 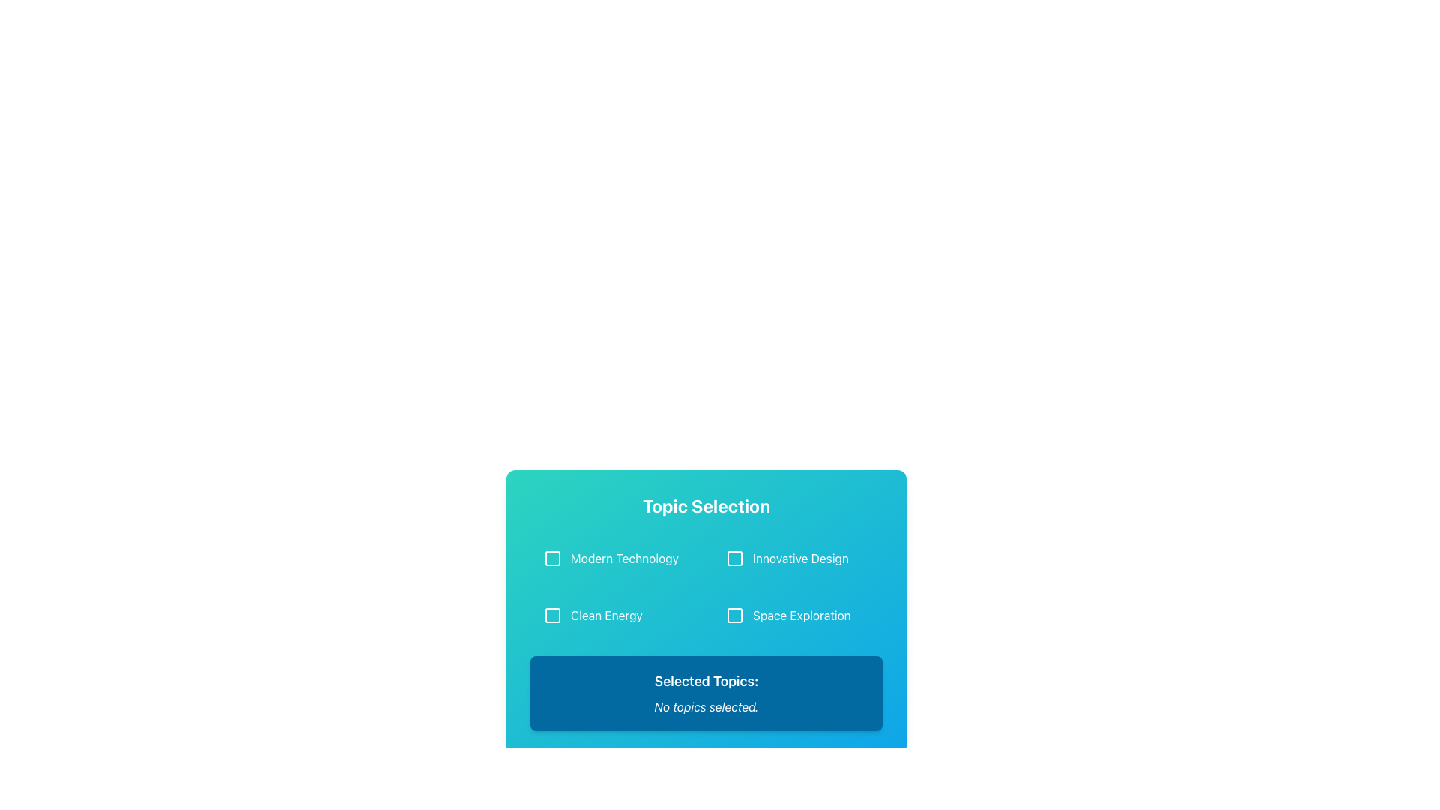 I want to click on the checkbox associated with the 'Modern Technology' label, so click(x=552, y=558).